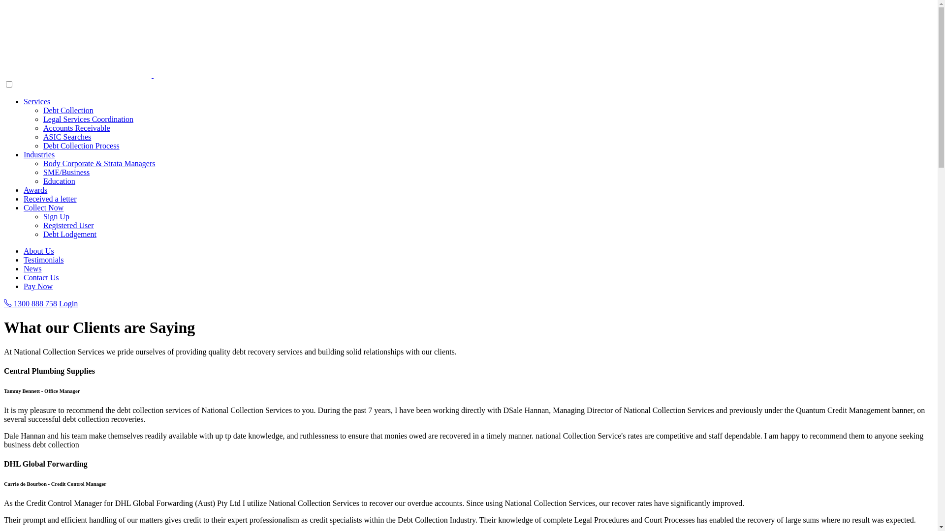 This screenshot has height=531, width=945. I want to click on 'Collect Now', so click(43, 207).